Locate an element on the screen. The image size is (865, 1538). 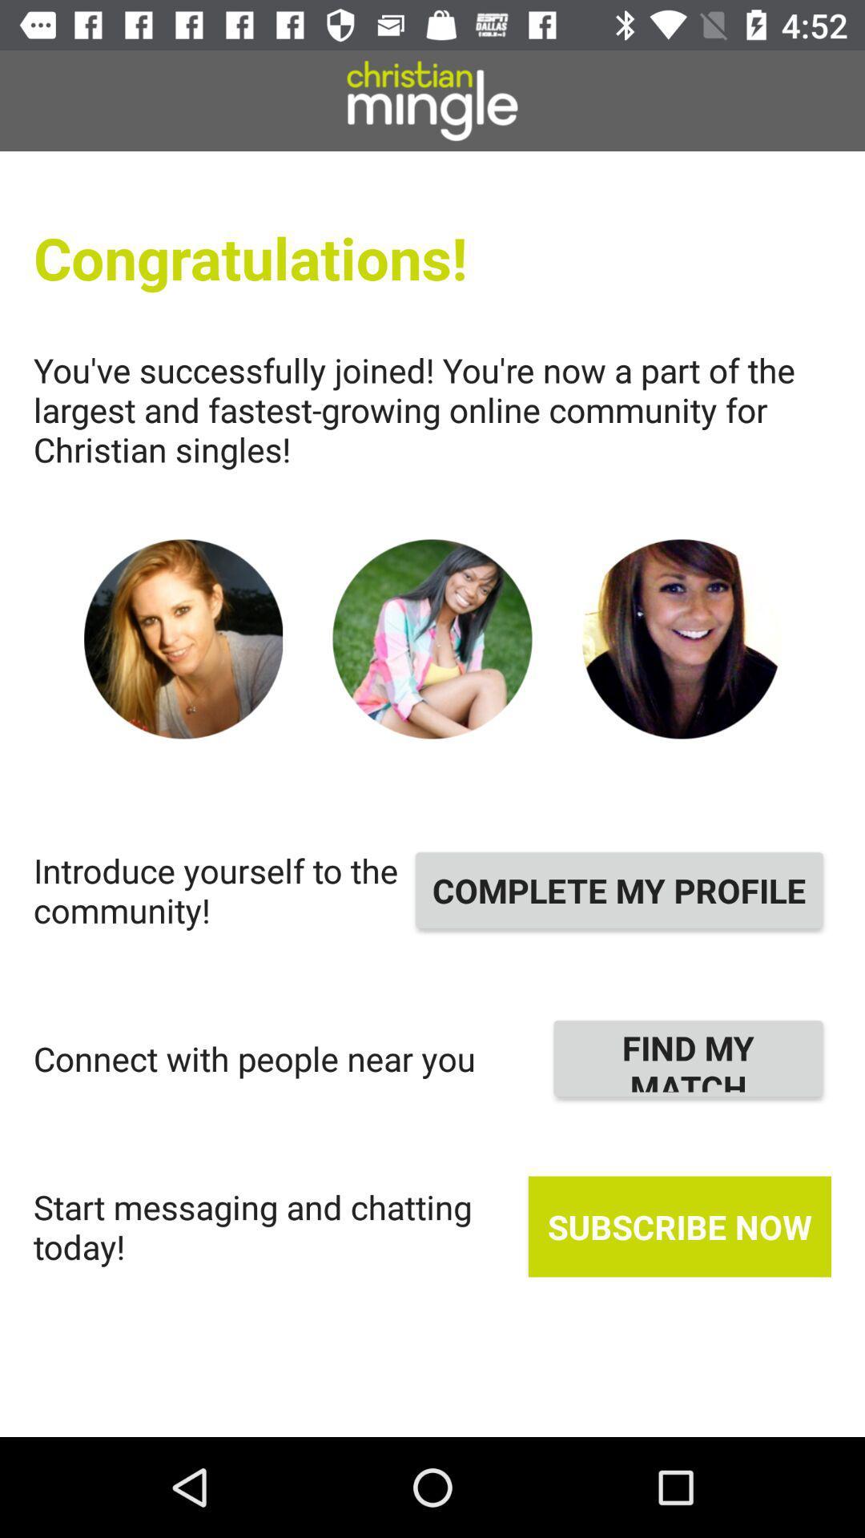
the subscribe now icon is located at coordinates (679, 1226).